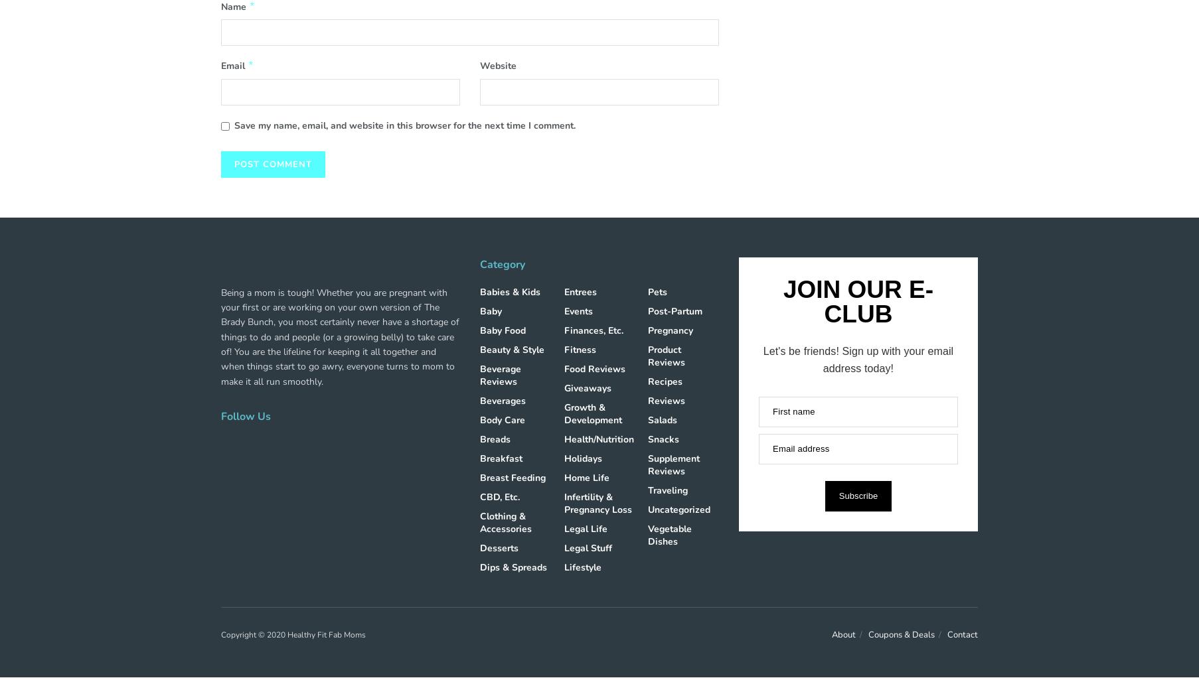 The width and height of the screenshot is (1199, 680). What do you see at coordinates (593, 330) in the screenshot?
I see `'Finances, Etc.'` at bounding box center [593, 330].